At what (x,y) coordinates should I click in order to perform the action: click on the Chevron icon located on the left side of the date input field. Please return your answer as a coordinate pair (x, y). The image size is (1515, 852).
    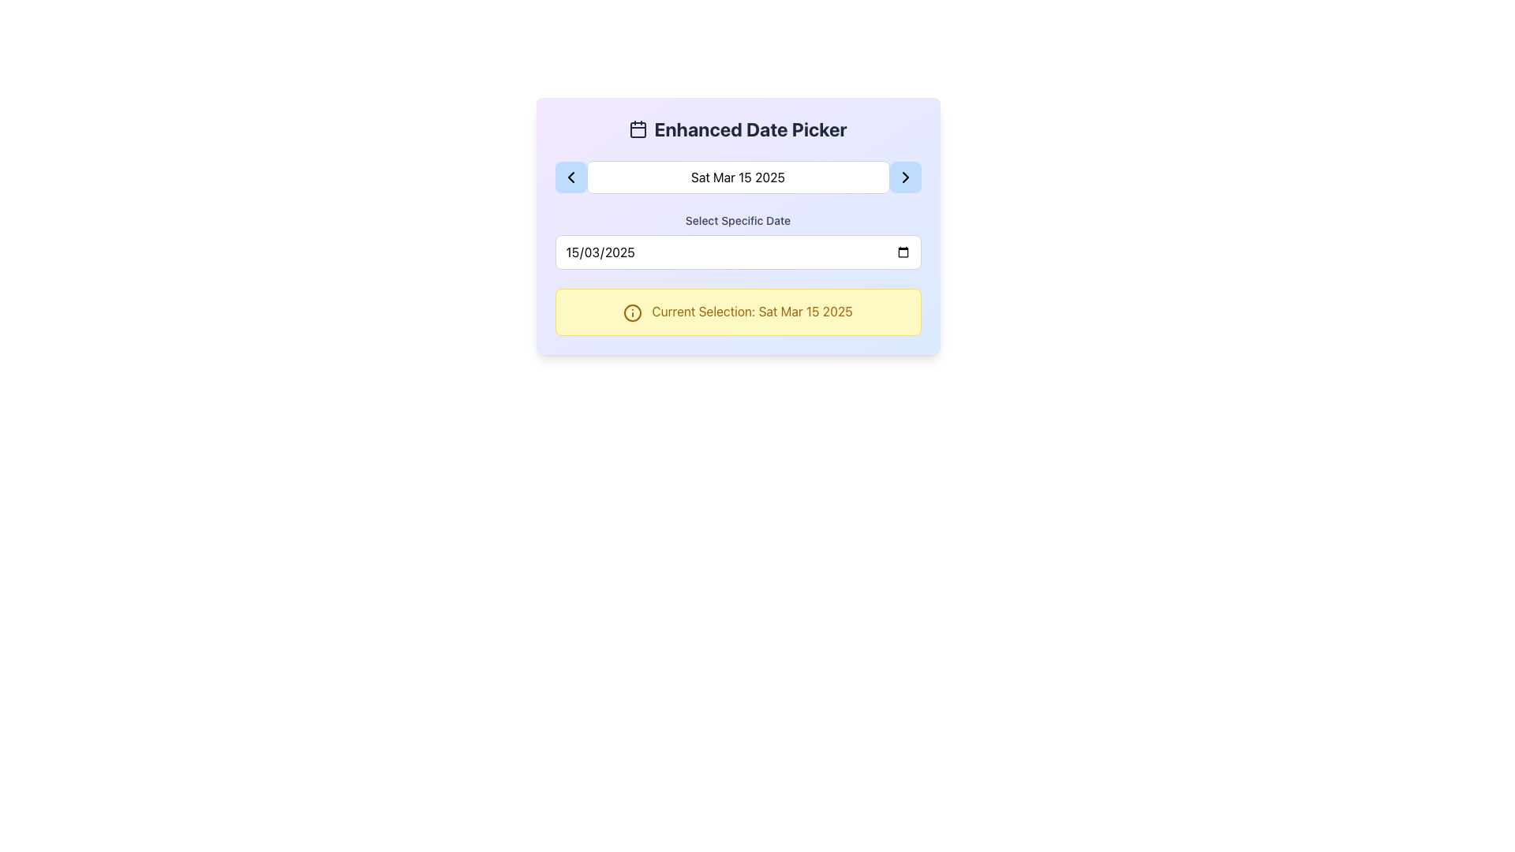
    Looking at the image, I should click on (570, 177).